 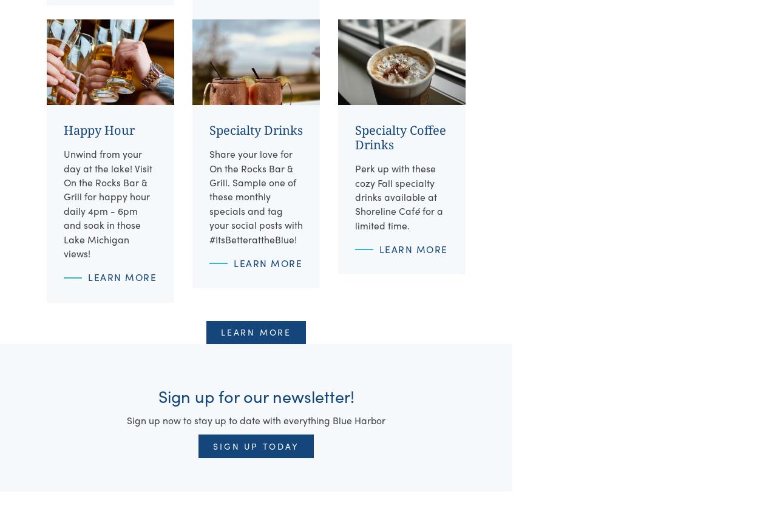 I want to click on 'Perk up with these cozy Fall specialty drinks available at Shoreline Caf', so click(x=354, y=189).